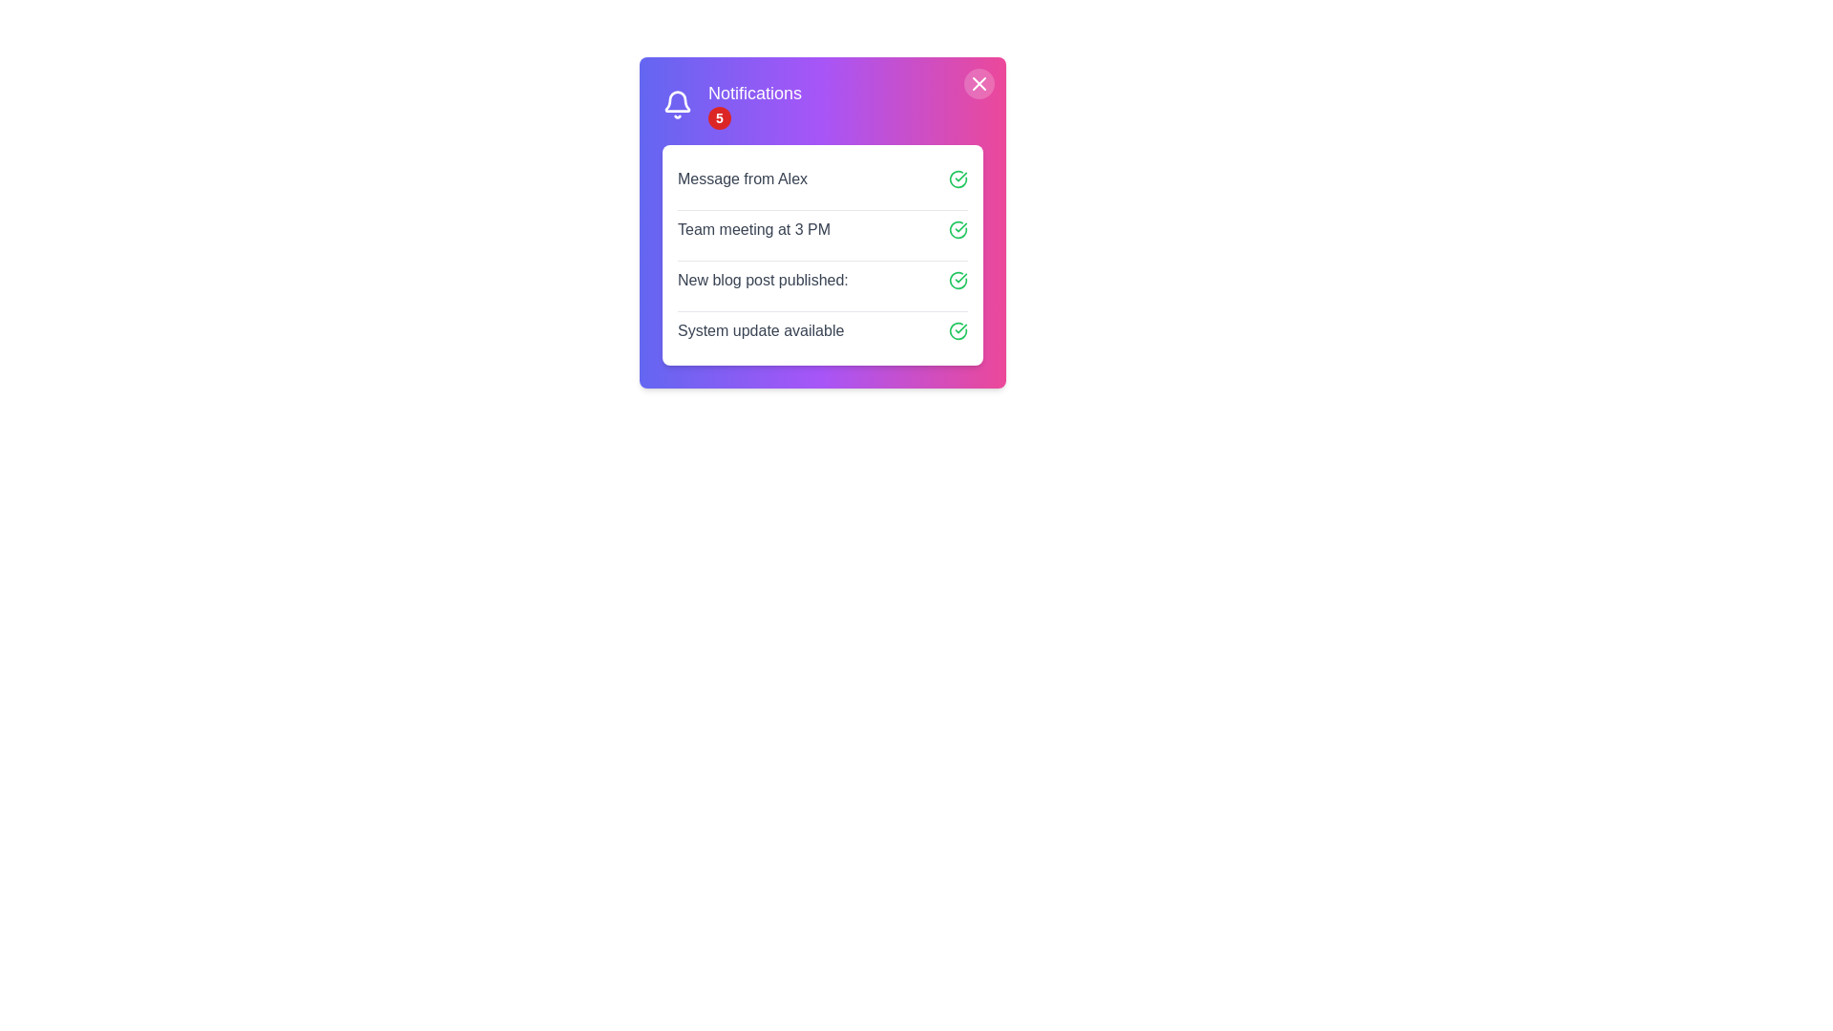 The image size is (1833, 1031). What do you see at coordinates (760, 330) in the screenshot?
I see `the notification message informing the user about a system update, located at the bottom of a notification pop-up panel with a green success icon to the right` at bounding box center [760, 330].